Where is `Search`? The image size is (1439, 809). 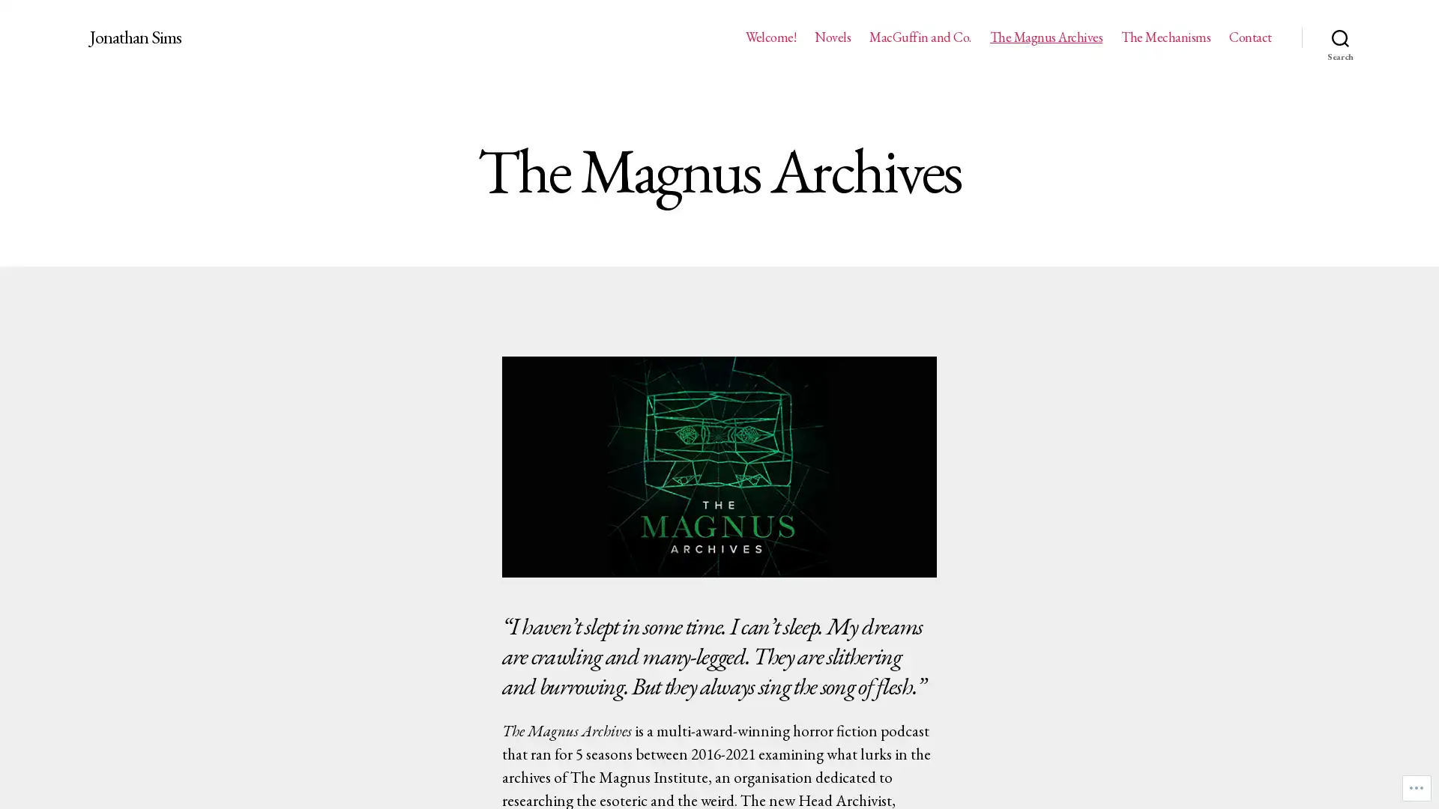 Search is located at coordinates (1340, 37).